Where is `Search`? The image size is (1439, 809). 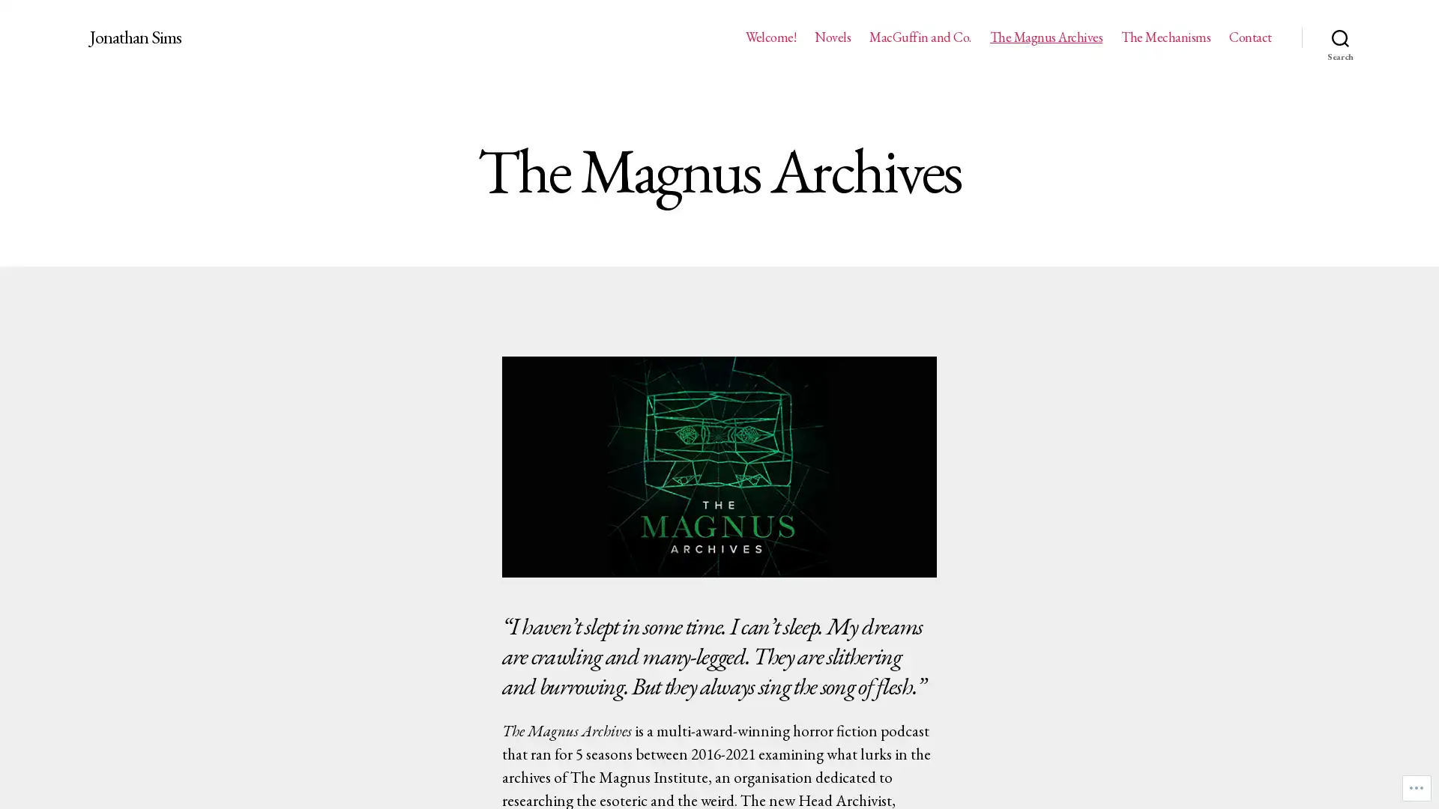 Search is located at coordinates (1340, 37).